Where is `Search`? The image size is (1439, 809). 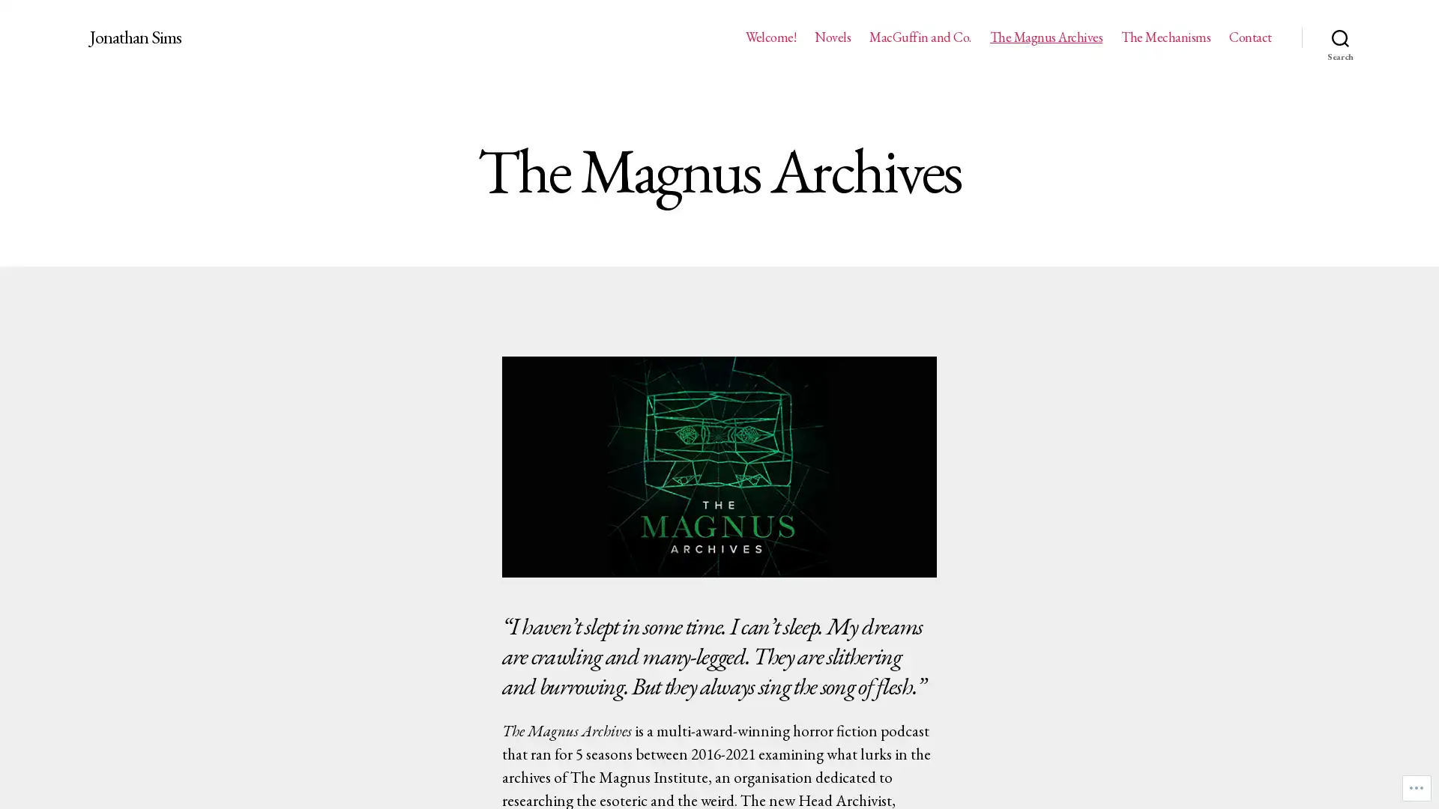 Search is located at coordinates (1340, 37).